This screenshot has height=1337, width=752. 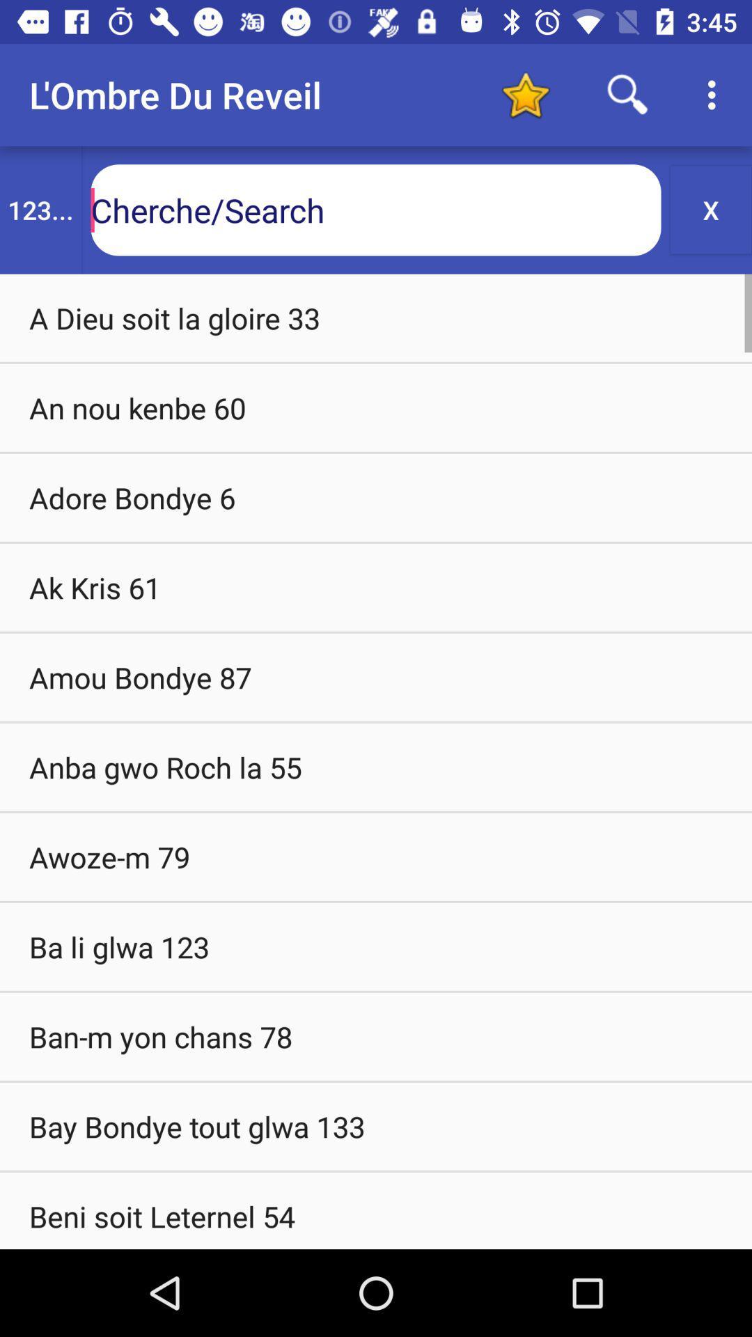 What do you see at coordinates (376, 1210) in the screenshot?
I see `beni soit leternel` at bounding box center [376, 1210].